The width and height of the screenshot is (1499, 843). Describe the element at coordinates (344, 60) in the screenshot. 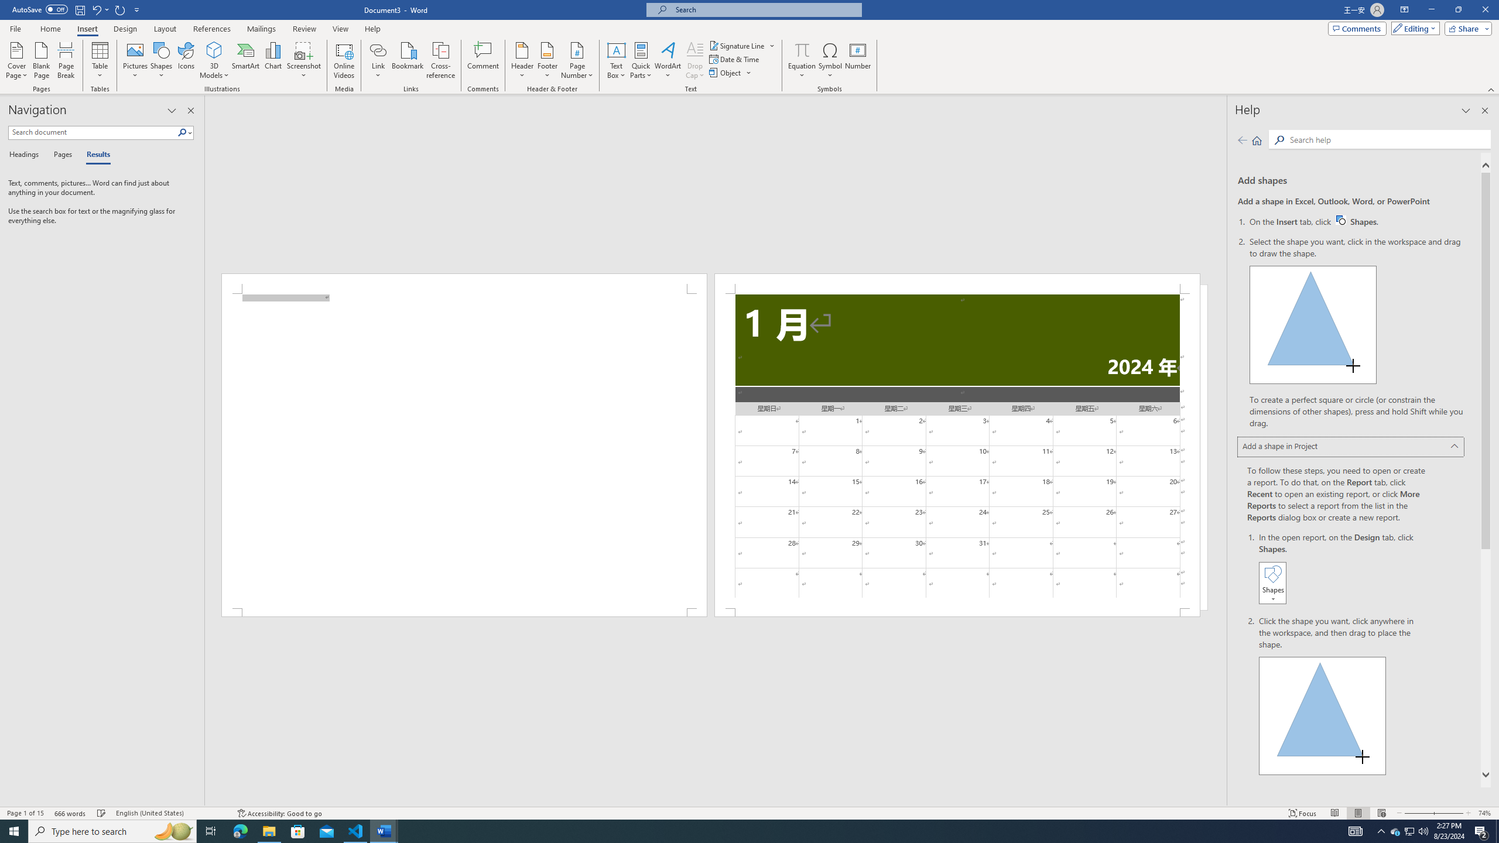

I see `'Online Videos...'` at that location.